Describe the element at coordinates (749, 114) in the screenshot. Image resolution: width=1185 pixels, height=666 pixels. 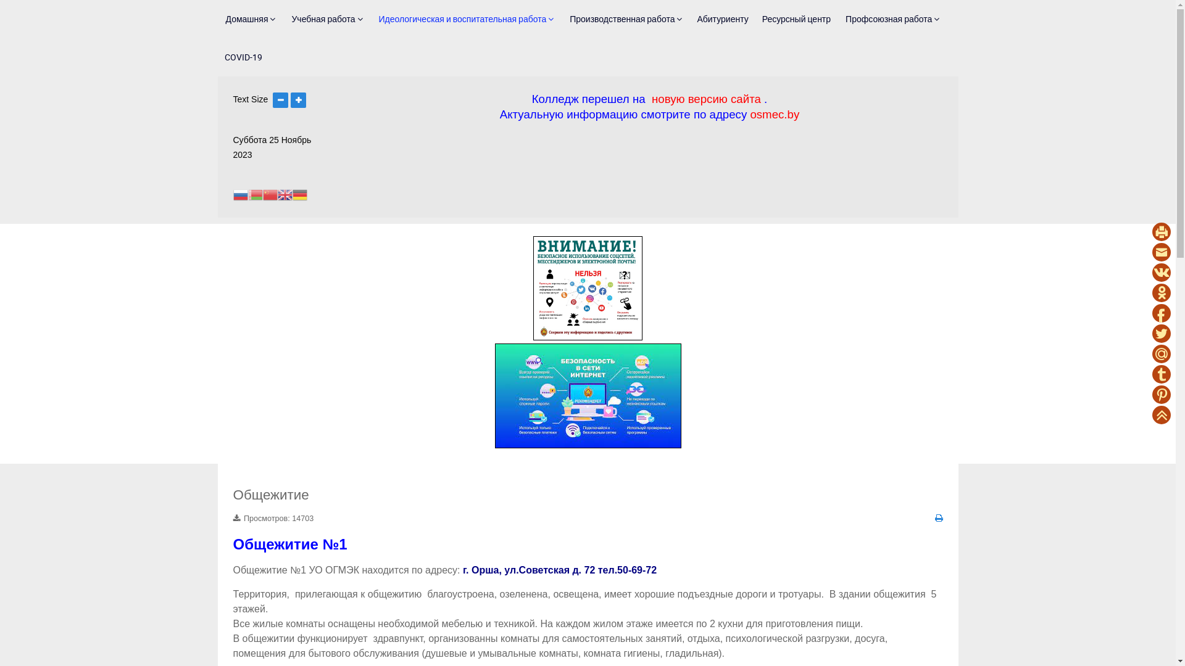
I see `'osmec.by'` at that location.